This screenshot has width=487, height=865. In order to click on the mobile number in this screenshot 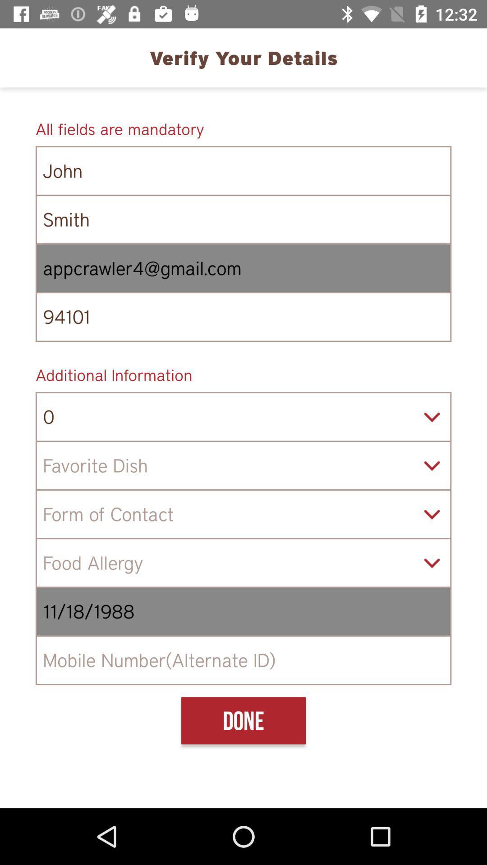, I will do `click(243, 660)`.